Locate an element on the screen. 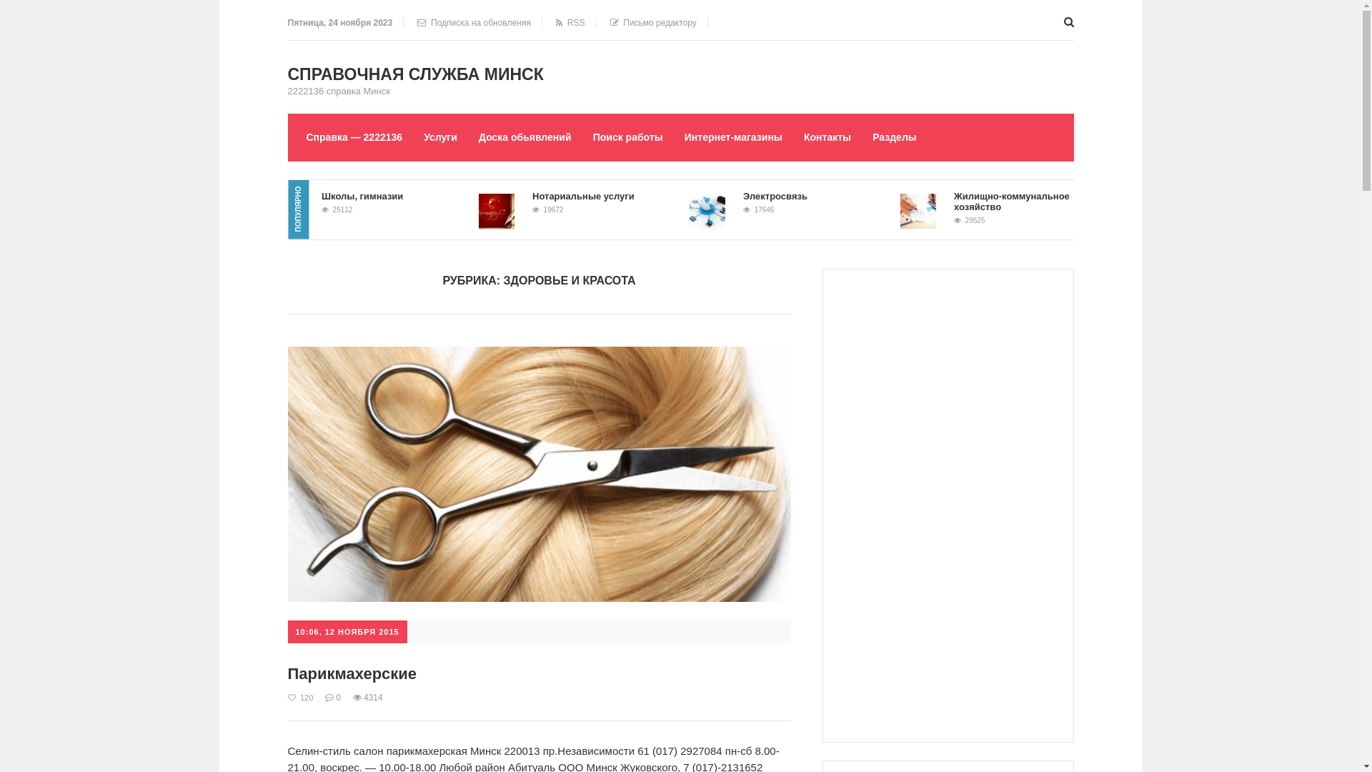 The width and height of the screenshot is (1372, 772). ' RSS' is located at coordinates (555, 22).